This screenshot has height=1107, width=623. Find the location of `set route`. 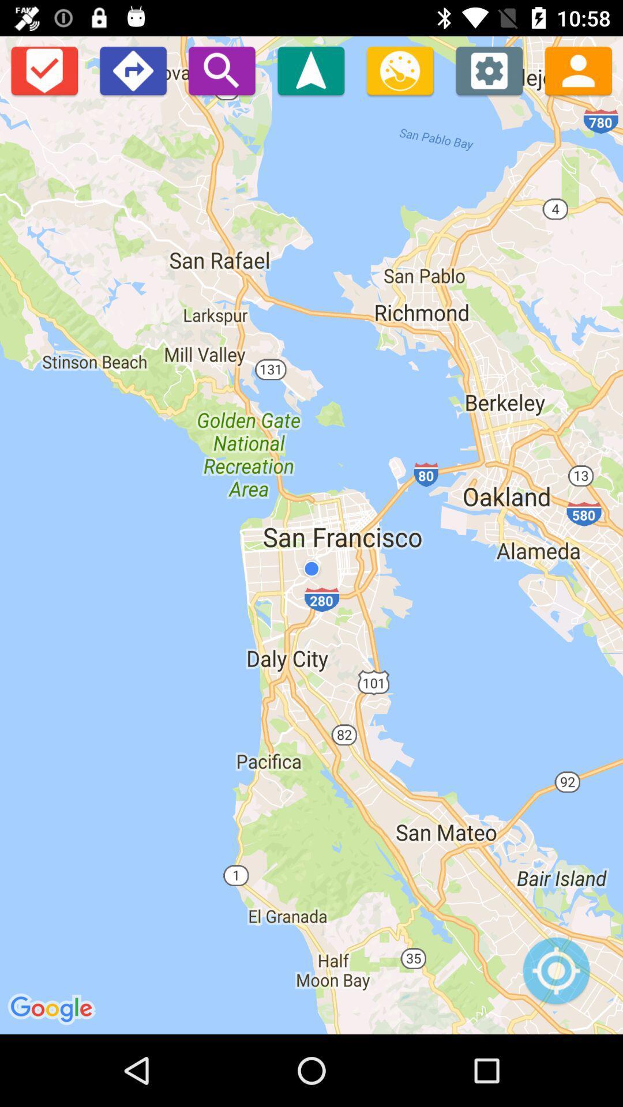

set route is located at coordinates (132, 70).